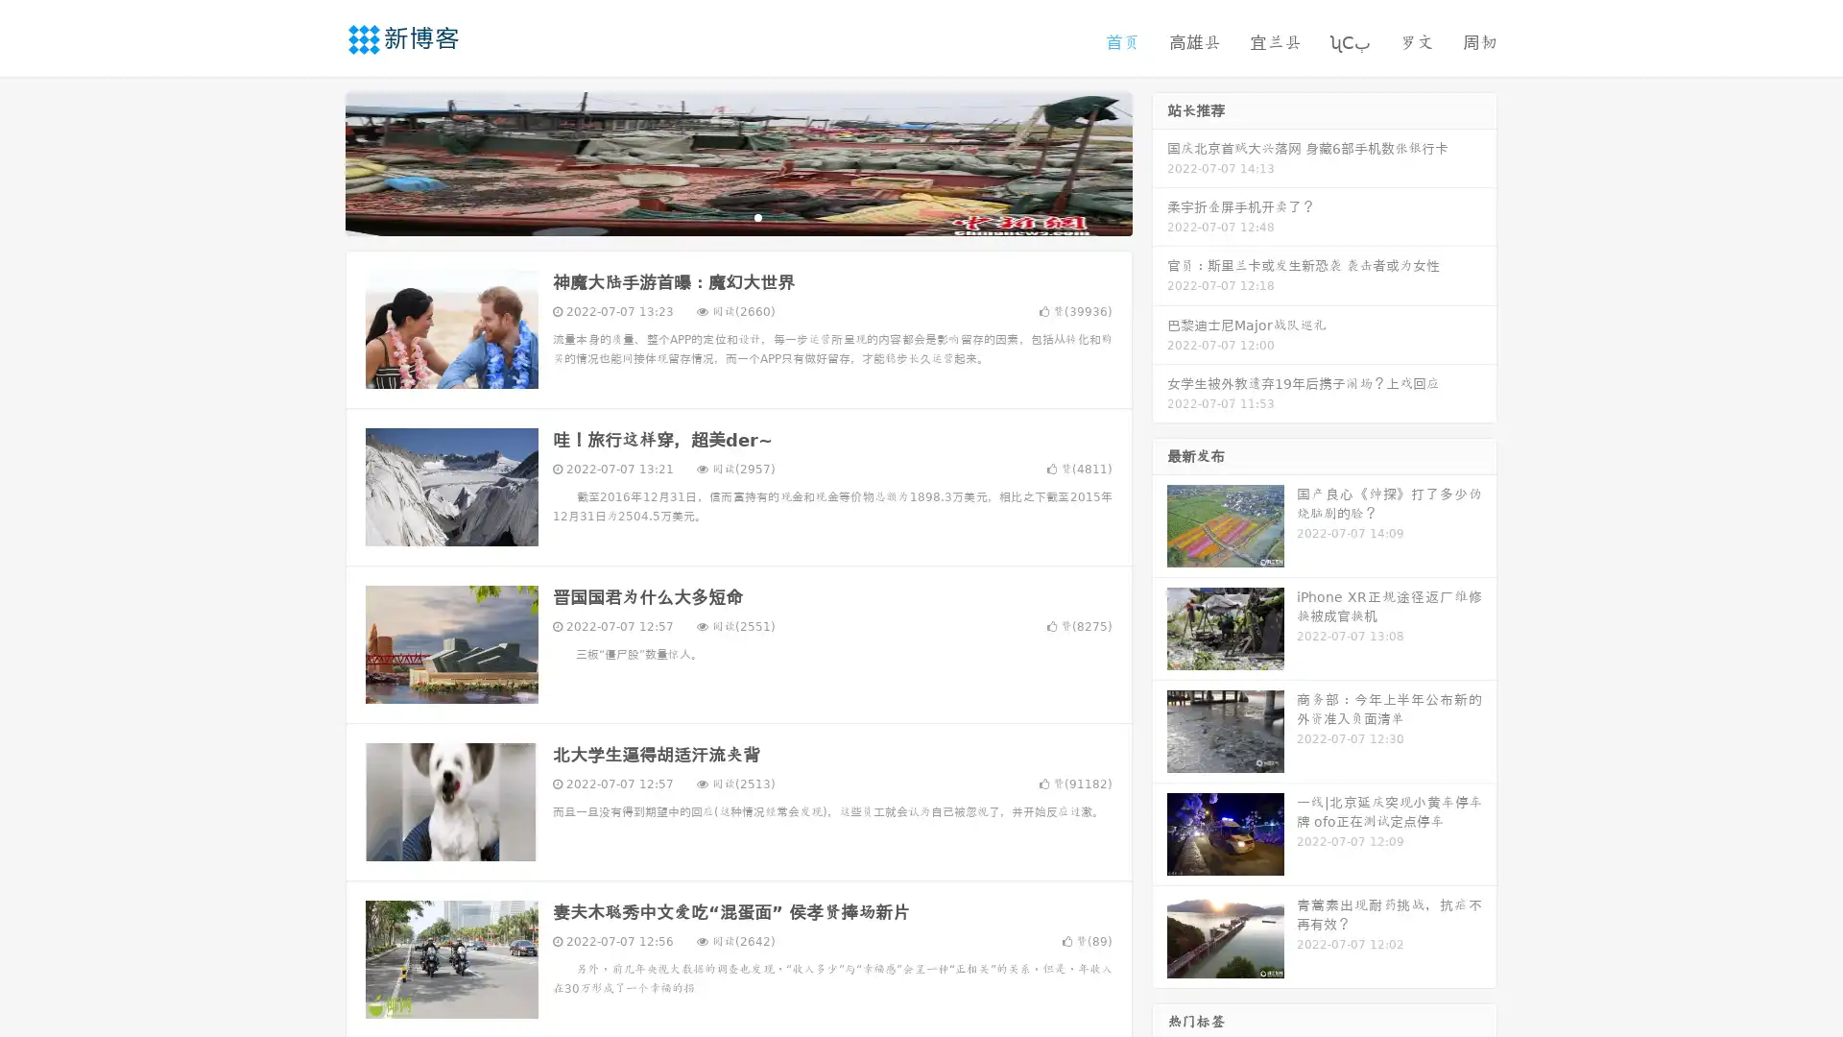  What do you see at coordinates (718, 216) in the screenshot?
I see `Go to slide 1` at bounding box center [718, 216].